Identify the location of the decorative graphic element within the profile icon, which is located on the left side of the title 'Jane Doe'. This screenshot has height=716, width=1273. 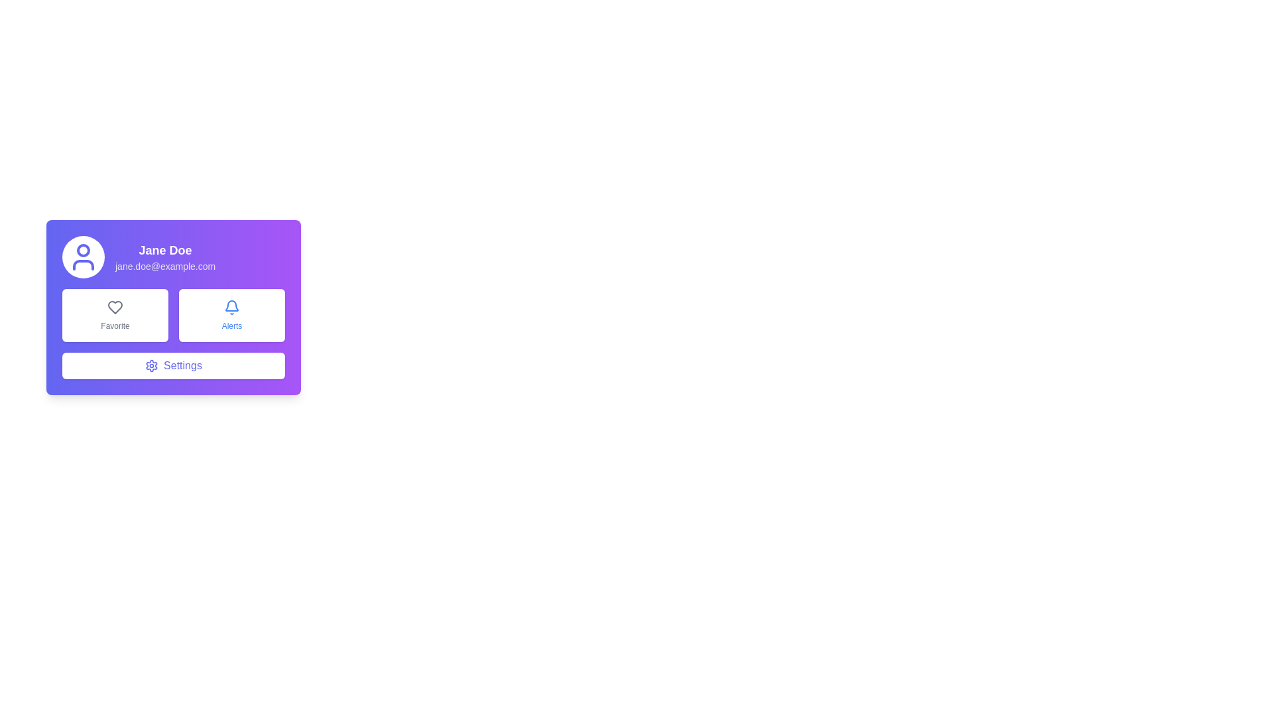
(82, 251).